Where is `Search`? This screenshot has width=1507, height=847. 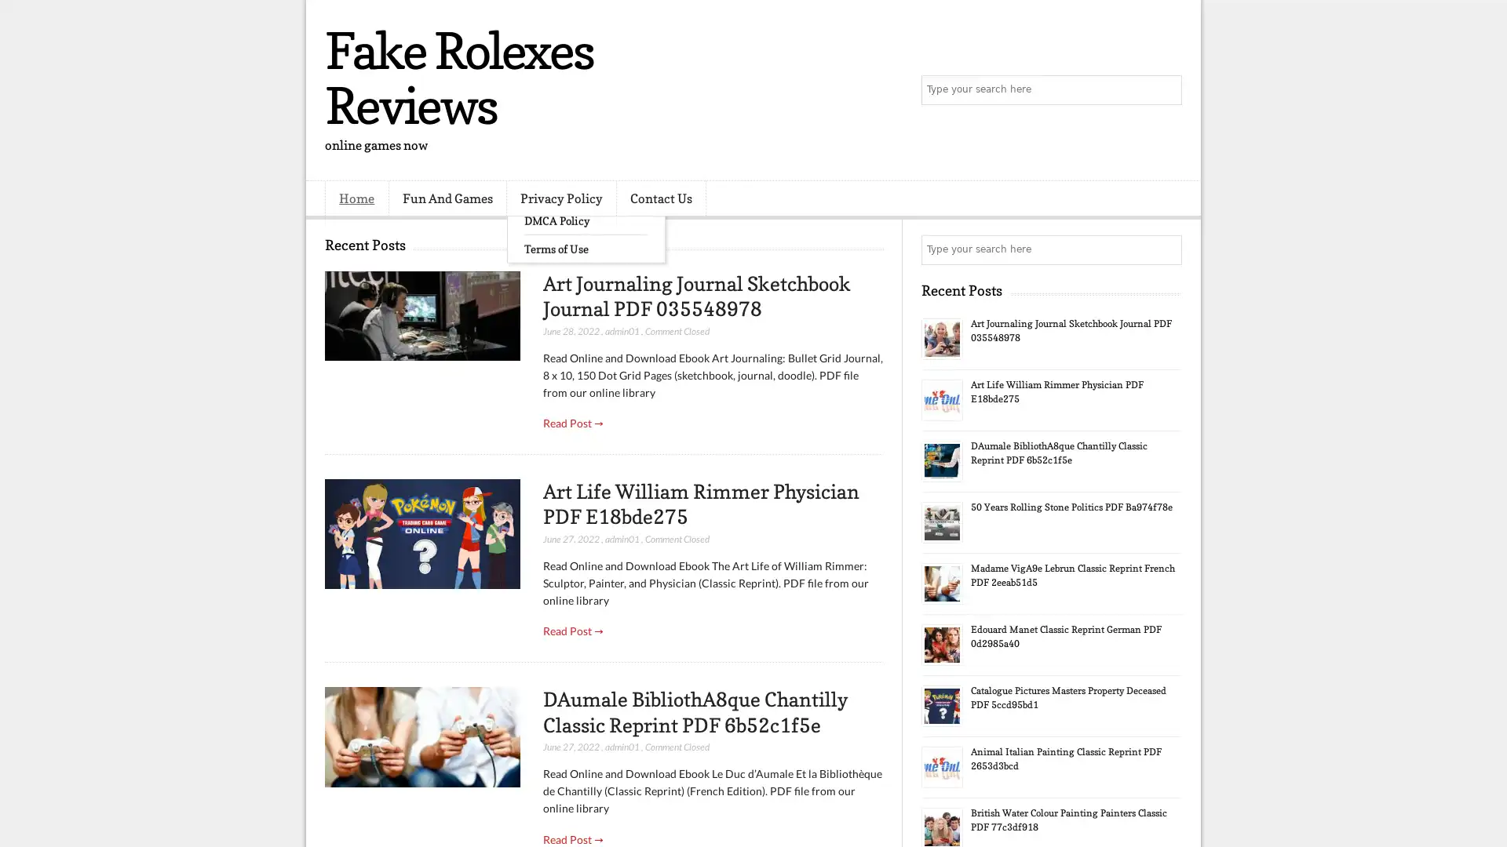 Search is located at coordinates (1166, 249).